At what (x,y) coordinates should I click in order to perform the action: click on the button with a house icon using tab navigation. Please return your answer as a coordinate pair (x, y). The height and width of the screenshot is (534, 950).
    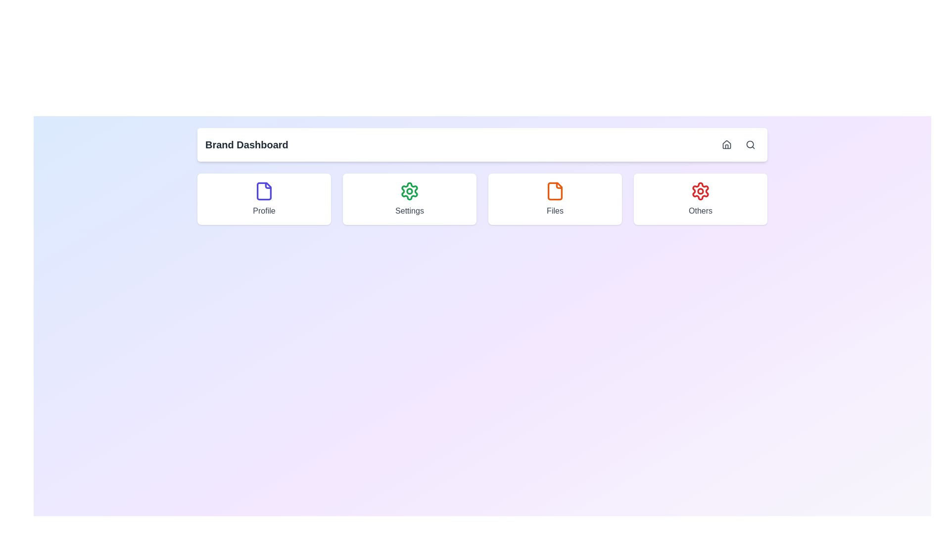
    Looking at the image, I should click on (726, 145).